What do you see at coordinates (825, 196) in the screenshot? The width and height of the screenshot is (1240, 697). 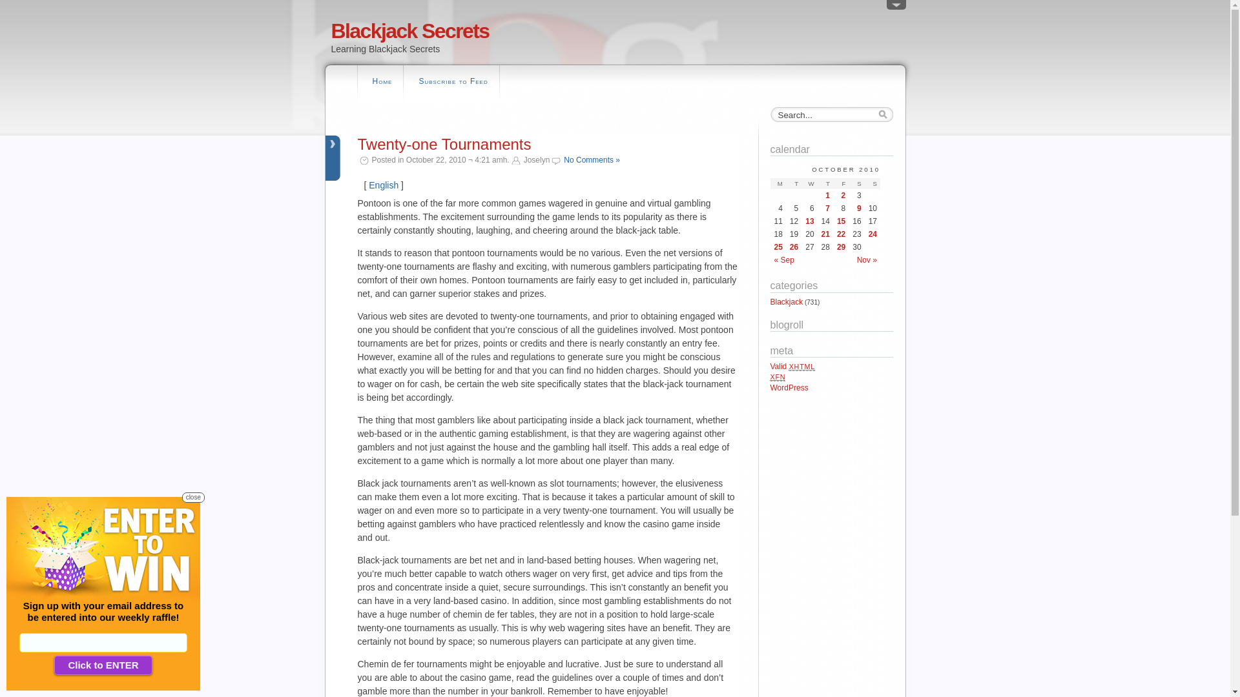 I see `'1'` at bounding box center [825, 196].